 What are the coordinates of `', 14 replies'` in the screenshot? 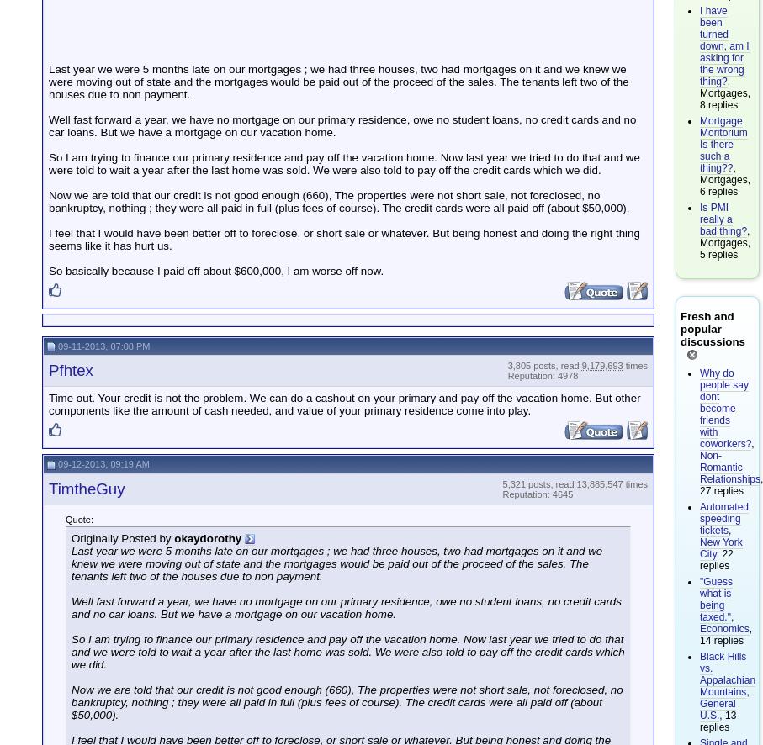 It's located at (698, 633).